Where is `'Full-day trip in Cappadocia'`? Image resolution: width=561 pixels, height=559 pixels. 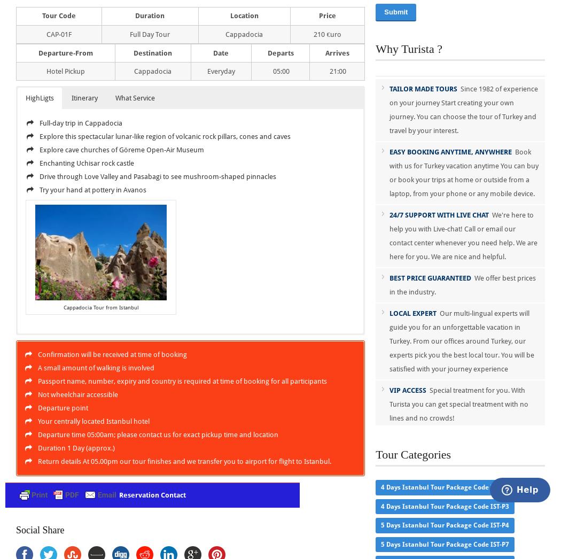 'Full-day trip in Cappadocia' is located at coordinates (39, 122).